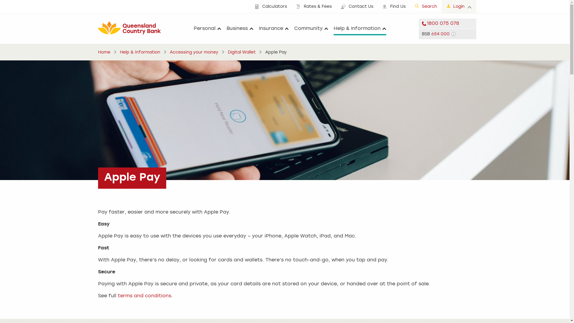  Describe the element at coordinates (311, 29) in the screenshot. I see `'Community'` at that location.